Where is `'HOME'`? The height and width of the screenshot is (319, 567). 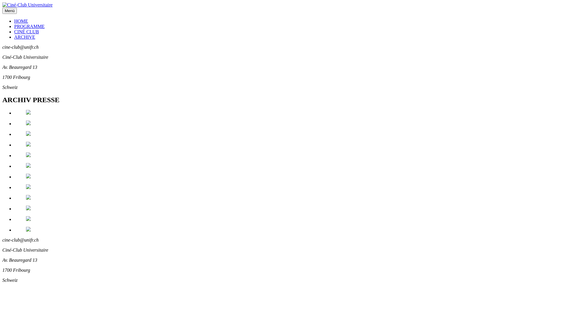
'HOME' is located at coordinates (21, 21).